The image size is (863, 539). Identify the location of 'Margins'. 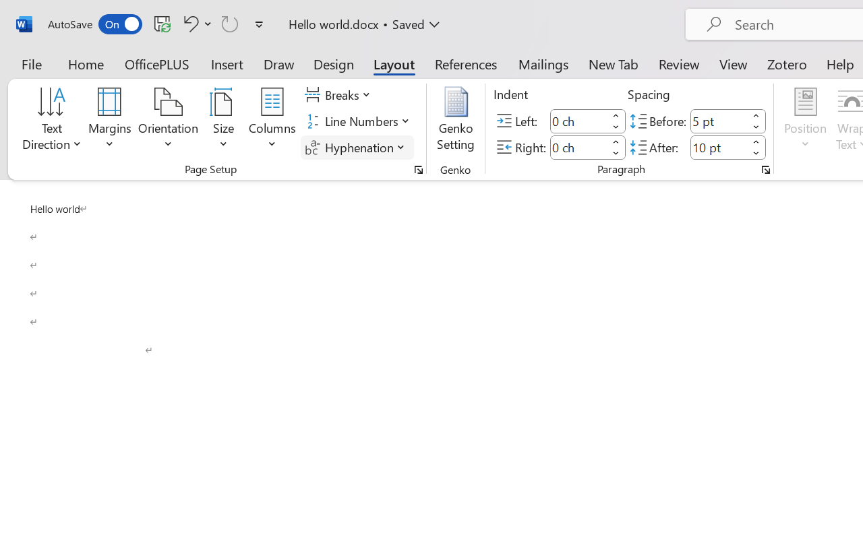
(110, 121).